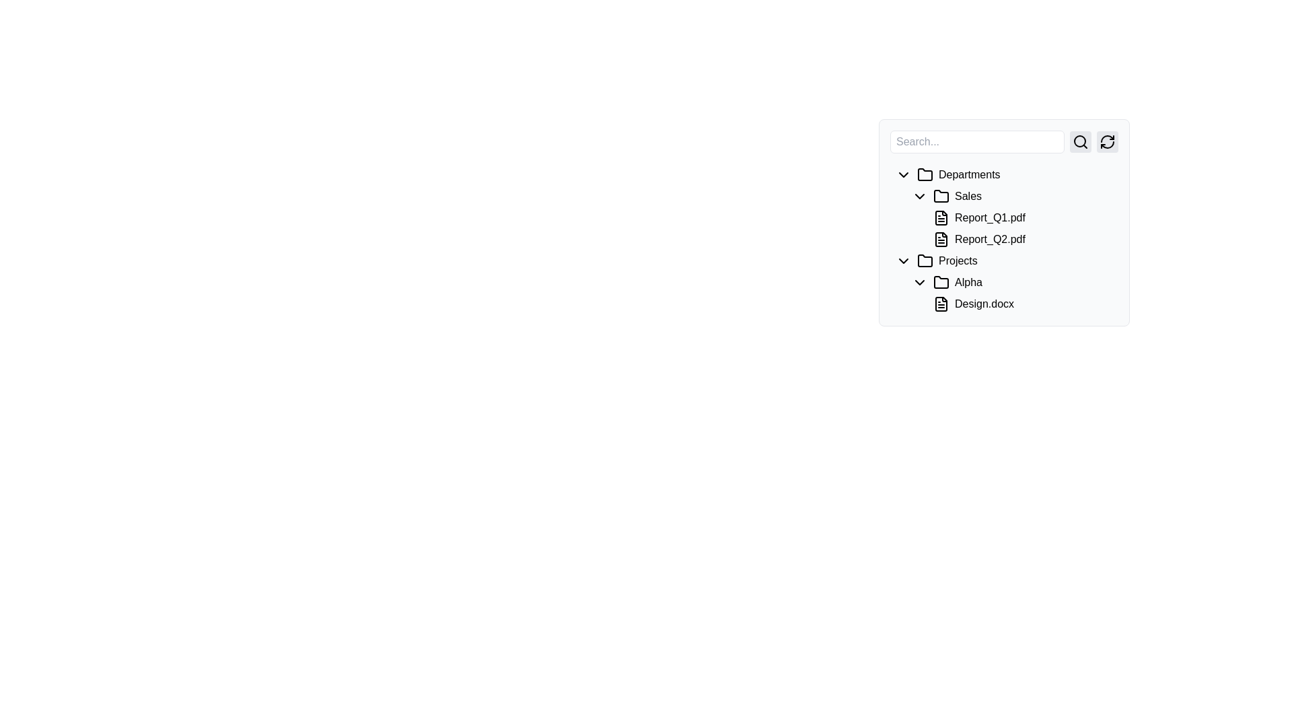 This screenshot has height=727, width=1292. What do you see at coordinates (1004, 238) in the screenshot?
I see `the text label representing the file 'Report_Q2.pdf' located under the 'Sales' folder` at bounding box center [1004, 238].